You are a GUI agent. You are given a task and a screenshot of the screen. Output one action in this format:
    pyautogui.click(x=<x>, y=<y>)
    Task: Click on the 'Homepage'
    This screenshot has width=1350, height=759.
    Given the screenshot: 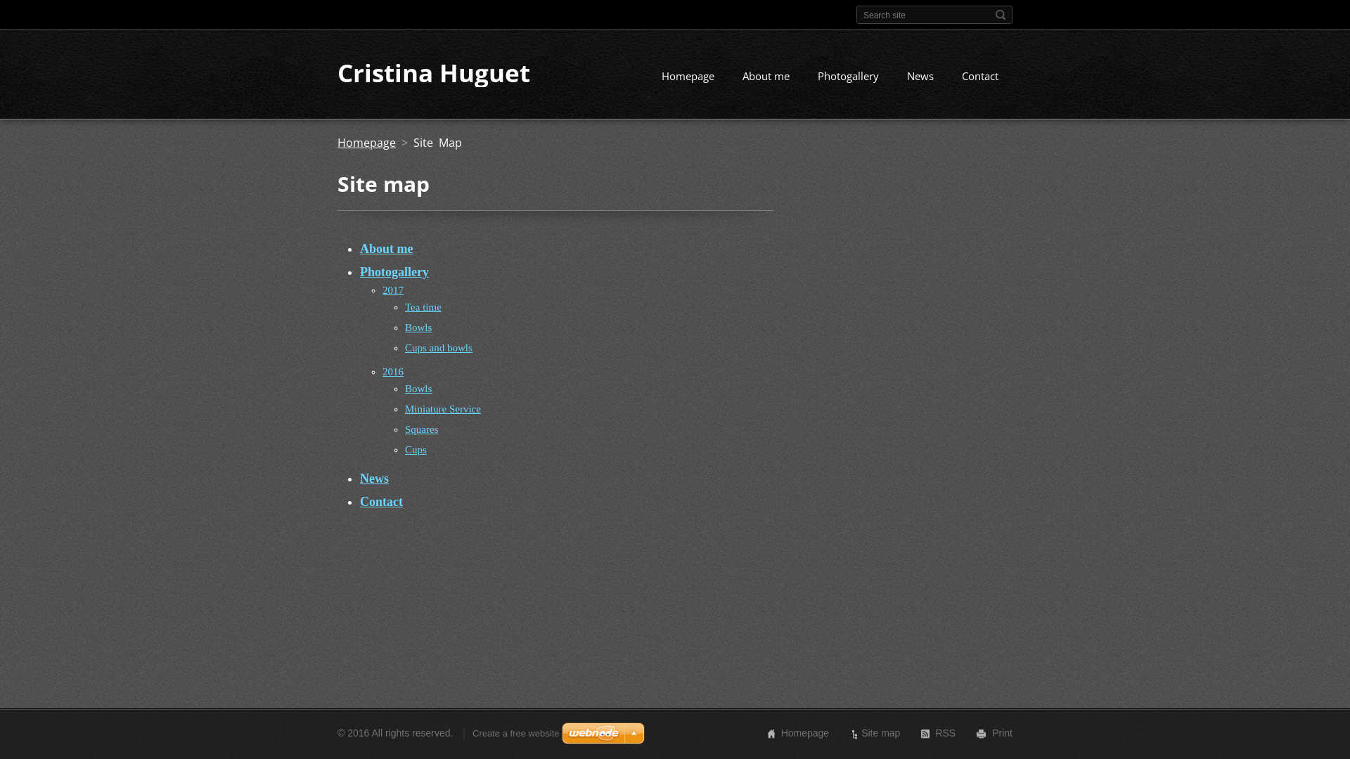 What is the action you would take?
    pyautogui.click(x=805, y=732)
    